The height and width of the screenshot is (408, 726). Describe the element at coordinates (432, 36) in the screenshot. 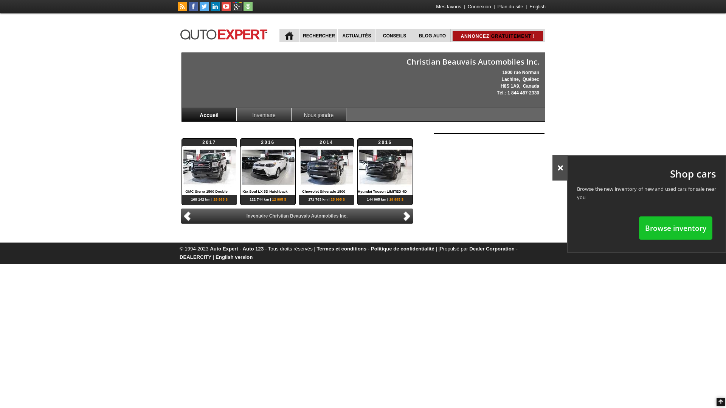

I see `'BLOG AUTO'` at that location.